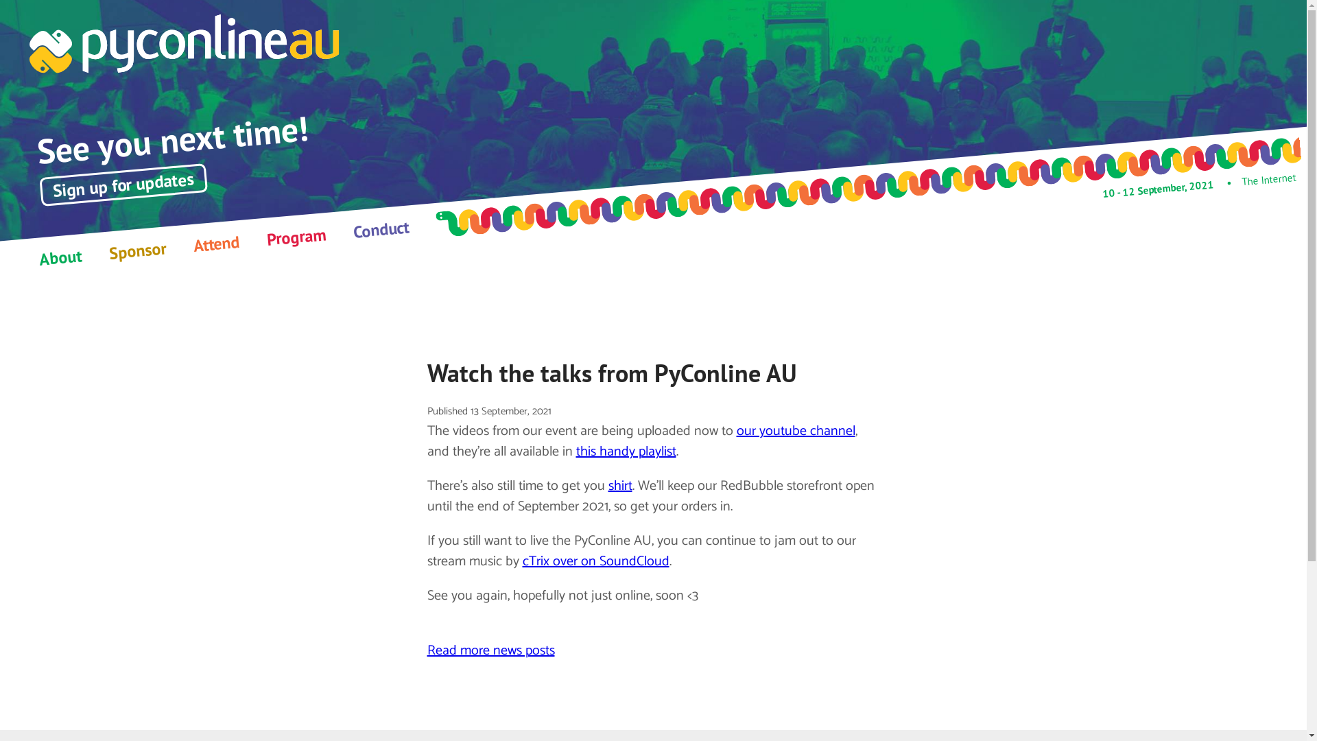 The height and width of the screenshot is (741, 1317). Describe the element at coordinates (295, 233) in the screenshot. I see `'Program'` at that location.